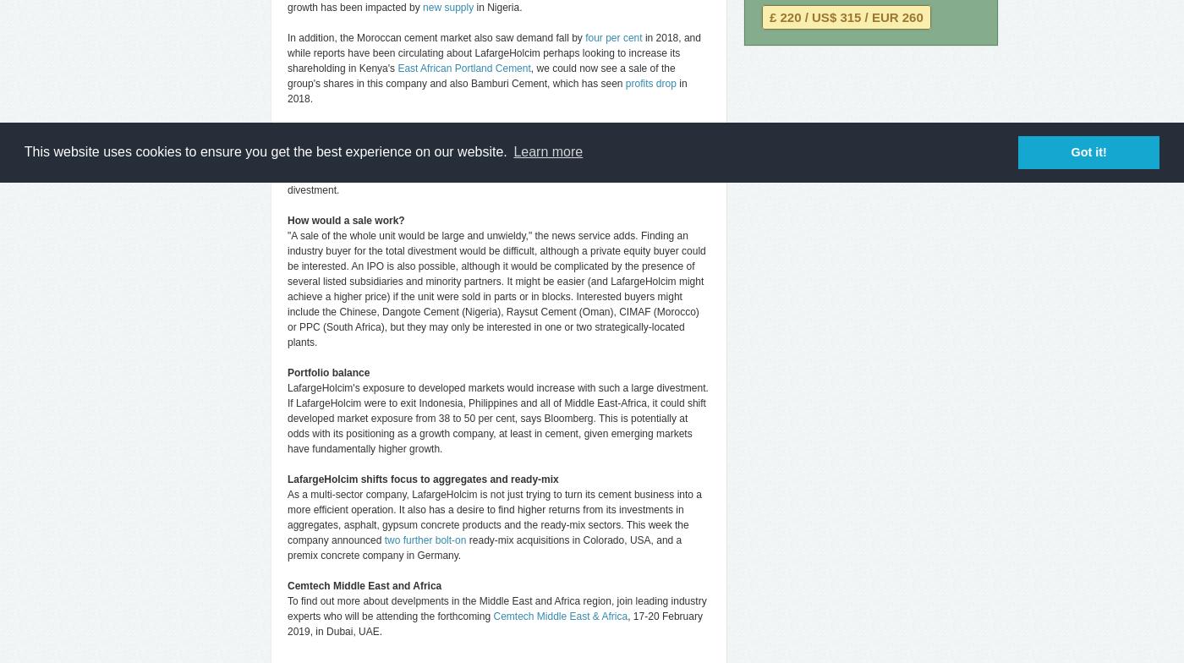 The height and width of the screenshot is (663, 1184). Describe the element at coordinates (463, 68) in the screenshot. I see `'East African Portland Cement'` at that location.